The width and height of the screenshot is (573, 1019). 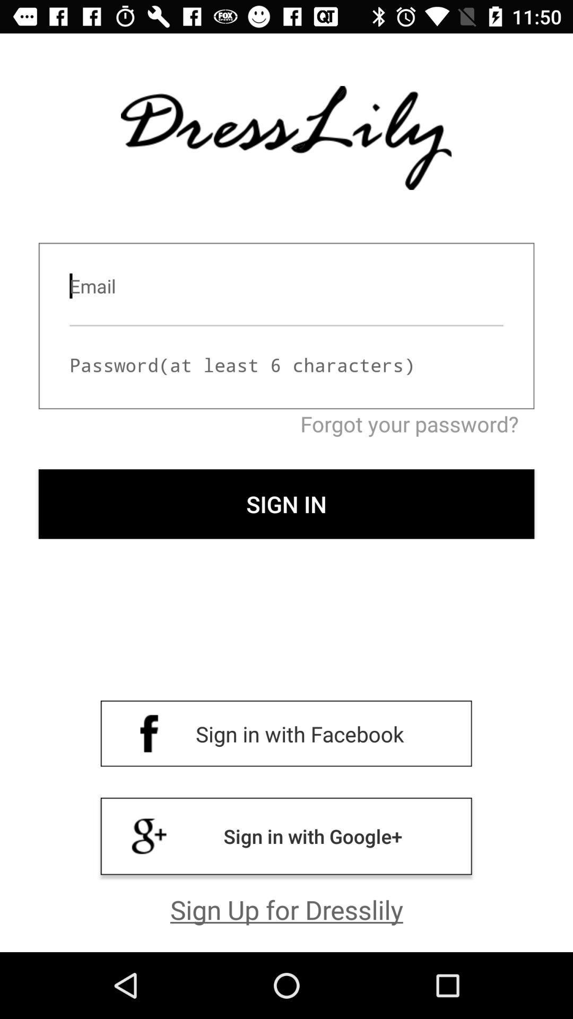 What do you see at coordinates (286, 423) in the screenshot?
I see `forgot your password? item` at bounding box center [286, 423].